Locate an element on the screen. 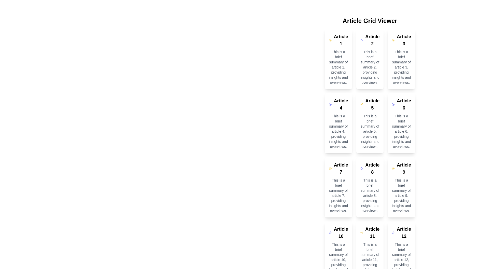 This screenshot has width=489, height=275. the circular sun icon, which is yellow and features ray motifs, located inside the first article card labeled 'Article 1' in the top-left corner of the interface is located at coordinates (330, 40).